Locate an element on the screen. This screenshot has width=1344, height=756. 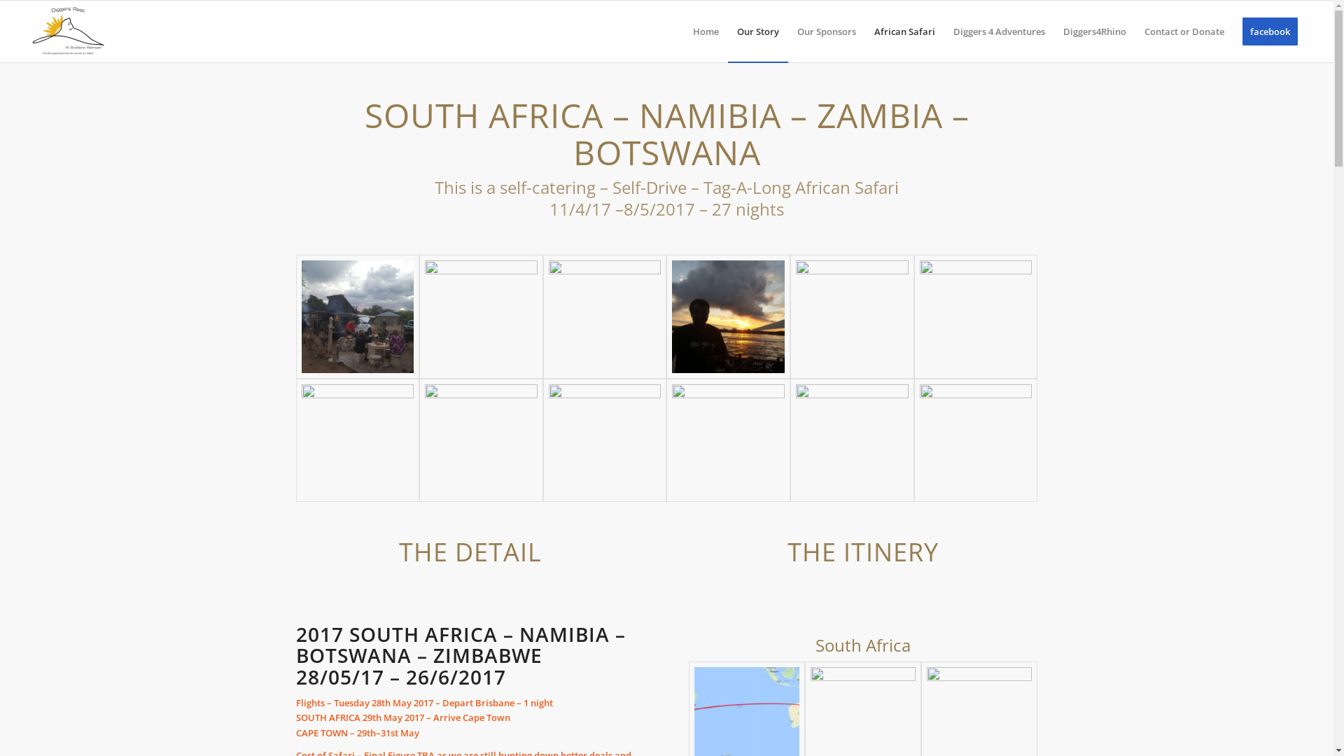
'Our Story' is located at coordinates (757, 31).